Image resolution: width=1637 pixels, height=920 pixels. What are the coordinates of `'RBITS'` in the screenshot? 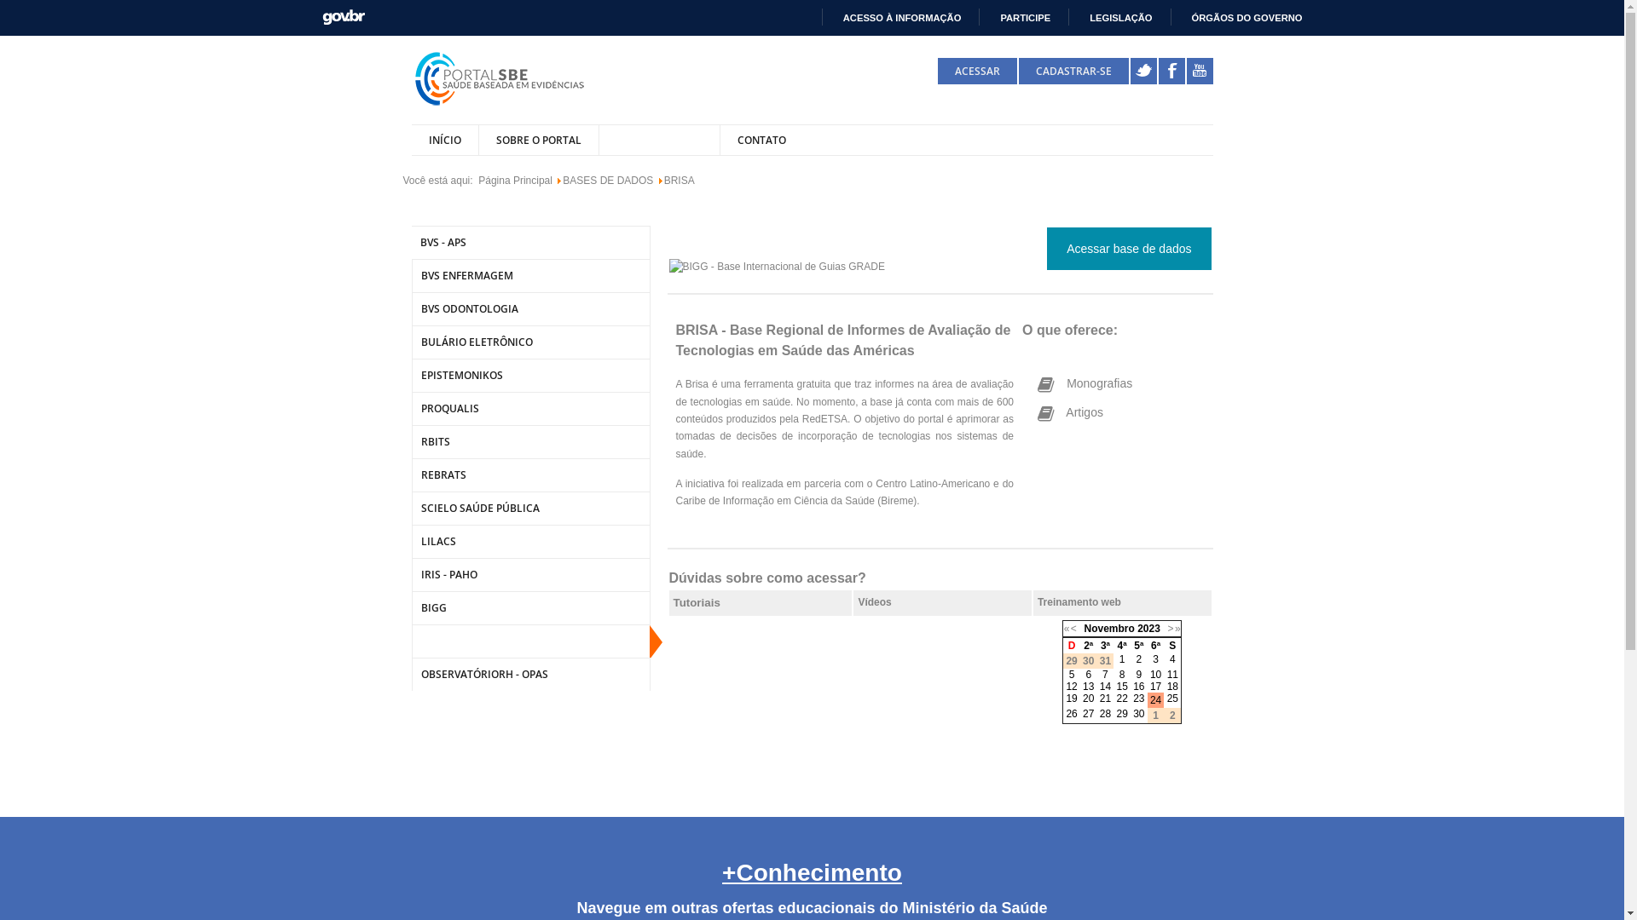 It's located at (529, 440).